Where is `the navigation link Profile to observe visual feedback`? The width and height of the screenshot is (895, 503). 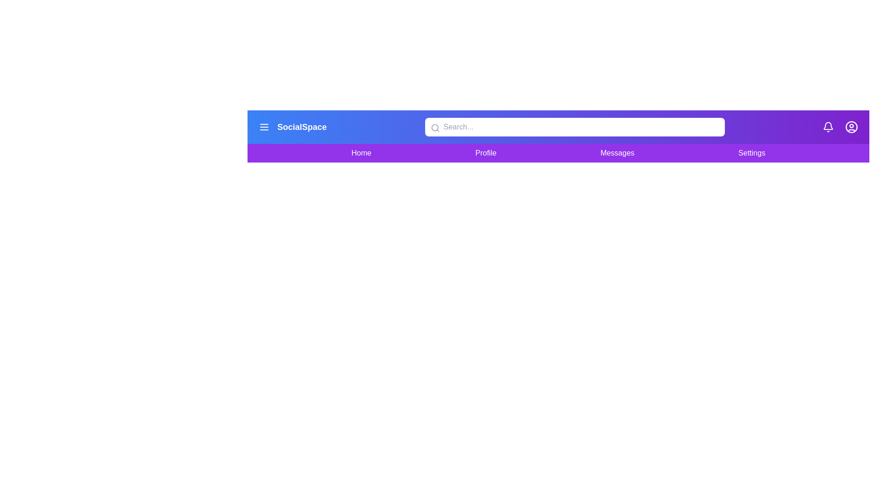 the navigation link Profile to observe visual feedback is located at coordinates (485, 152).